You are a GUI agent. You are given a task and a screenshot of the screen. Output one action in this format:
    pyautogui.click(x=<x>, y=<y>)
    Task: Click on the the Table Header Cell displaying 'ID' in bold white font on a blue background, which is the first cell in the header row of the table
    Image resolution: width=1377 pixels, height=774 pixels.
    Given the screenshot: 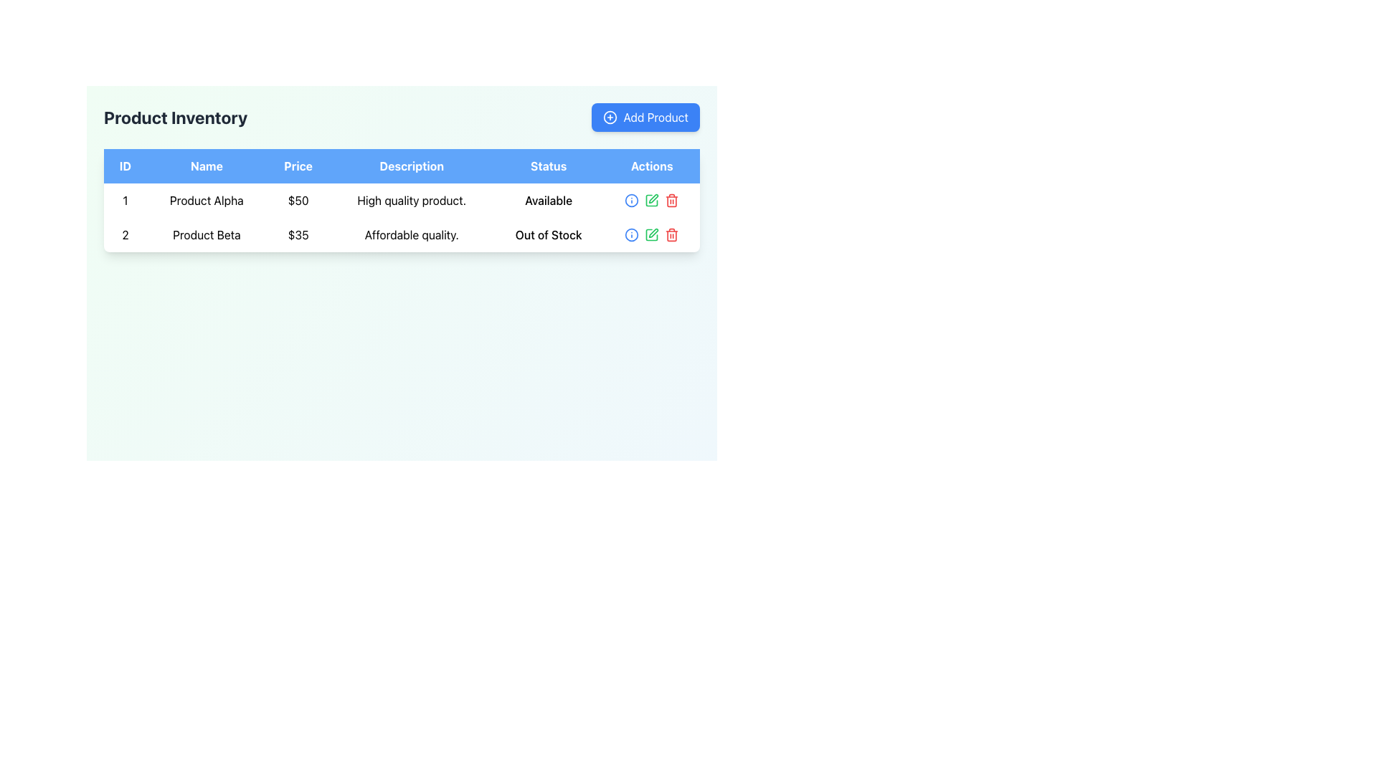 What is the action you would take?
    pyautogui.click(x=125, y=165)
    